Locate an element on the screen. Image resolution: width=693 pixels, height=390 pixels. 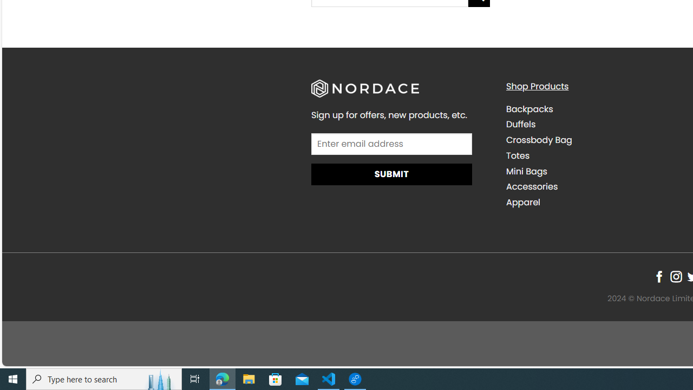
'Follow on Facebook' is located at coordinates (658, 276).